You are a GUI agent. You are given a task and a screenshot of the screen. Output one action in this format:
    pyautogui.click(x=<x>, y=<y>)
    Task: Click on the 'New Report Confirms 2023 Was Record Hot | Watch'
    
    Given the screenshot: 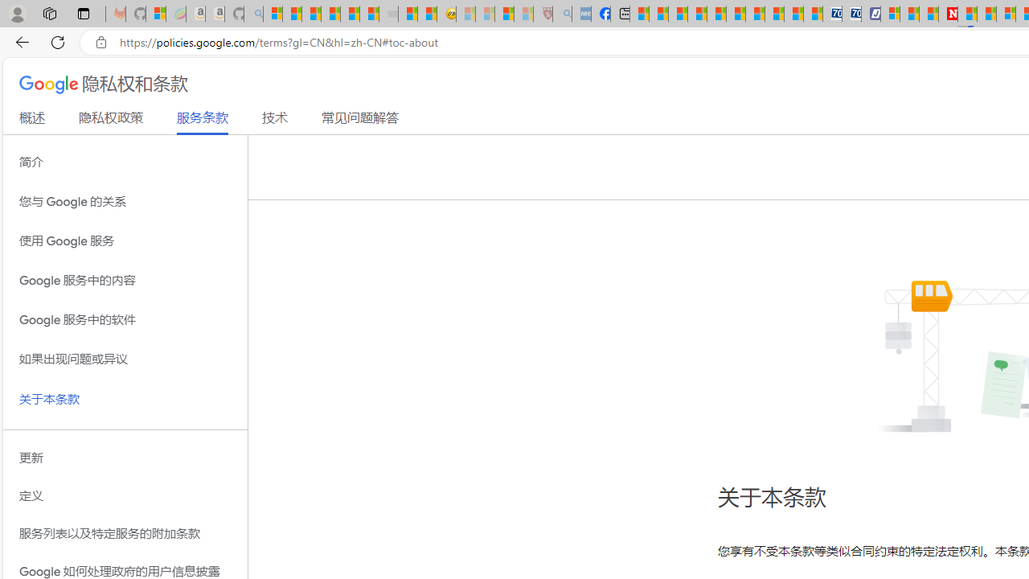 What is the action you would take?
    pyautogui.click(x=349, y=14)
    